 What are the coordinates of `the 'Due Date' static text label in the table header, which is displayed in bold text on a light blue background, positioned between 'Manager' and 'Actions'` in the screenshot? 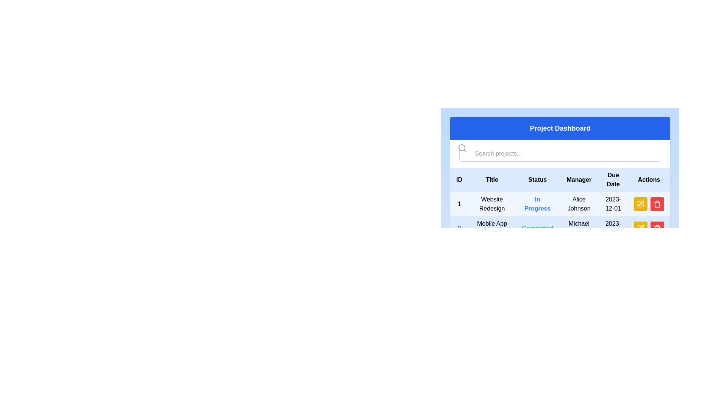 It's located at (613, 180).